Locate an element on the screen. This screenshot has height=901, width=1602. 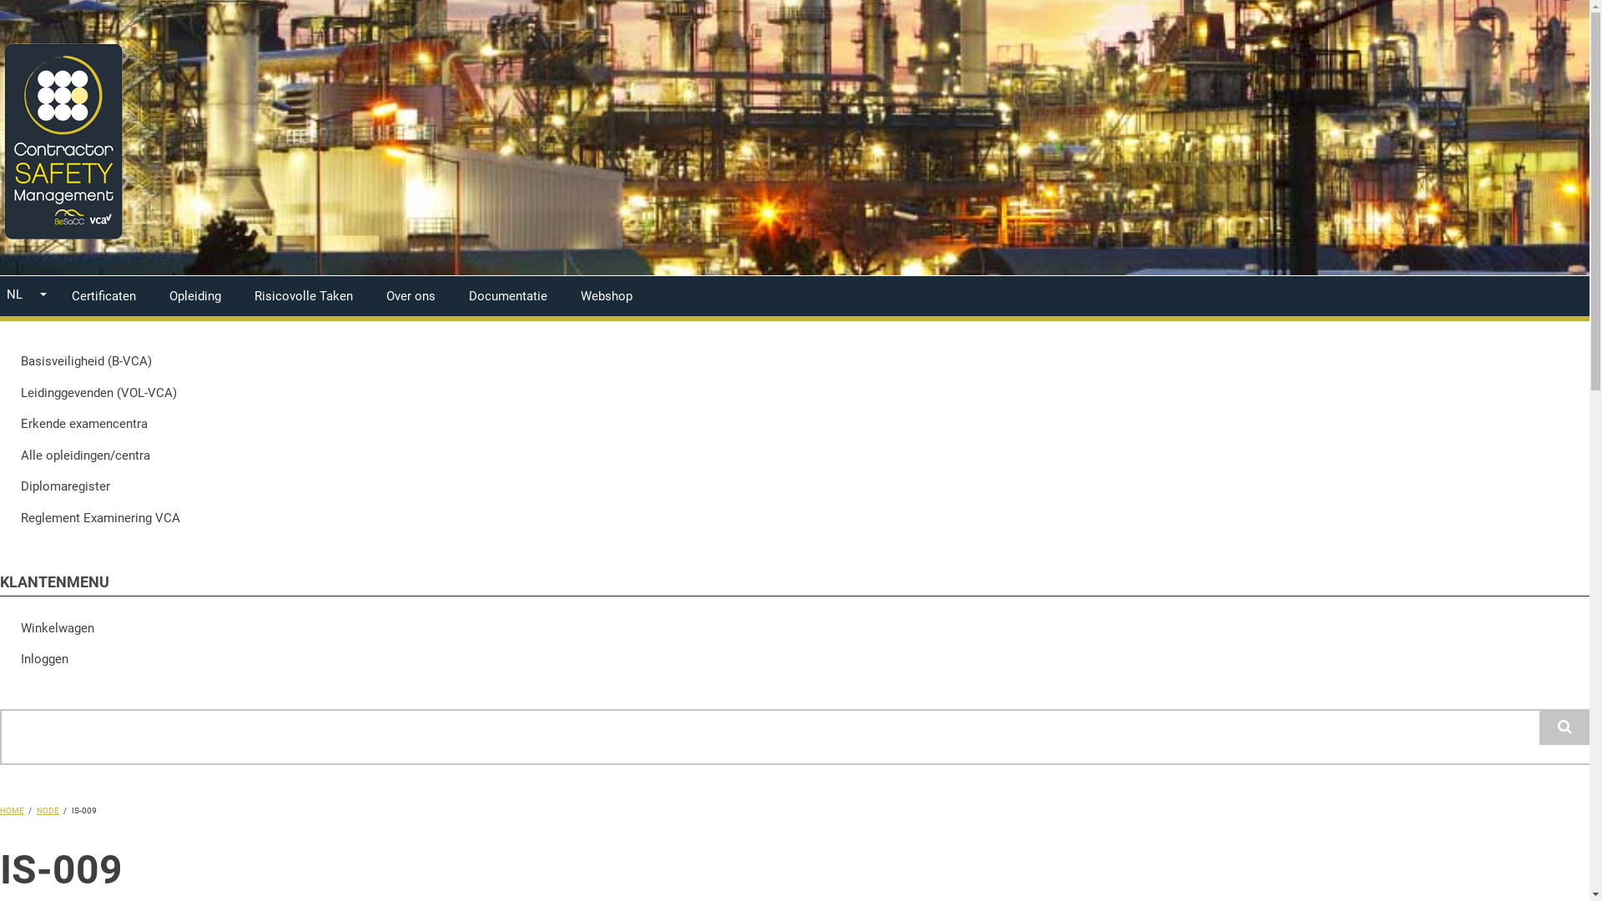
'Erkende examencentra' is located at coordinates (0, 424).